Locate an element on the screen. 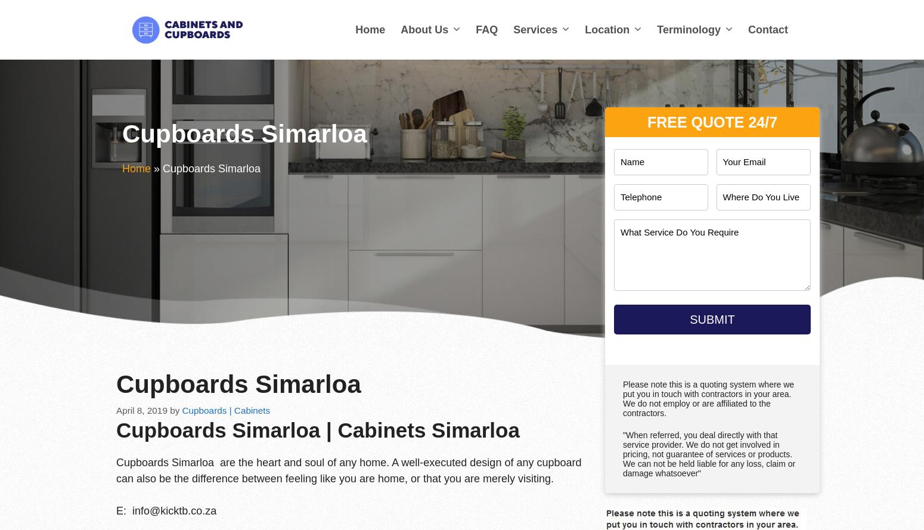  'Services' is located at coordinates (535, 29).